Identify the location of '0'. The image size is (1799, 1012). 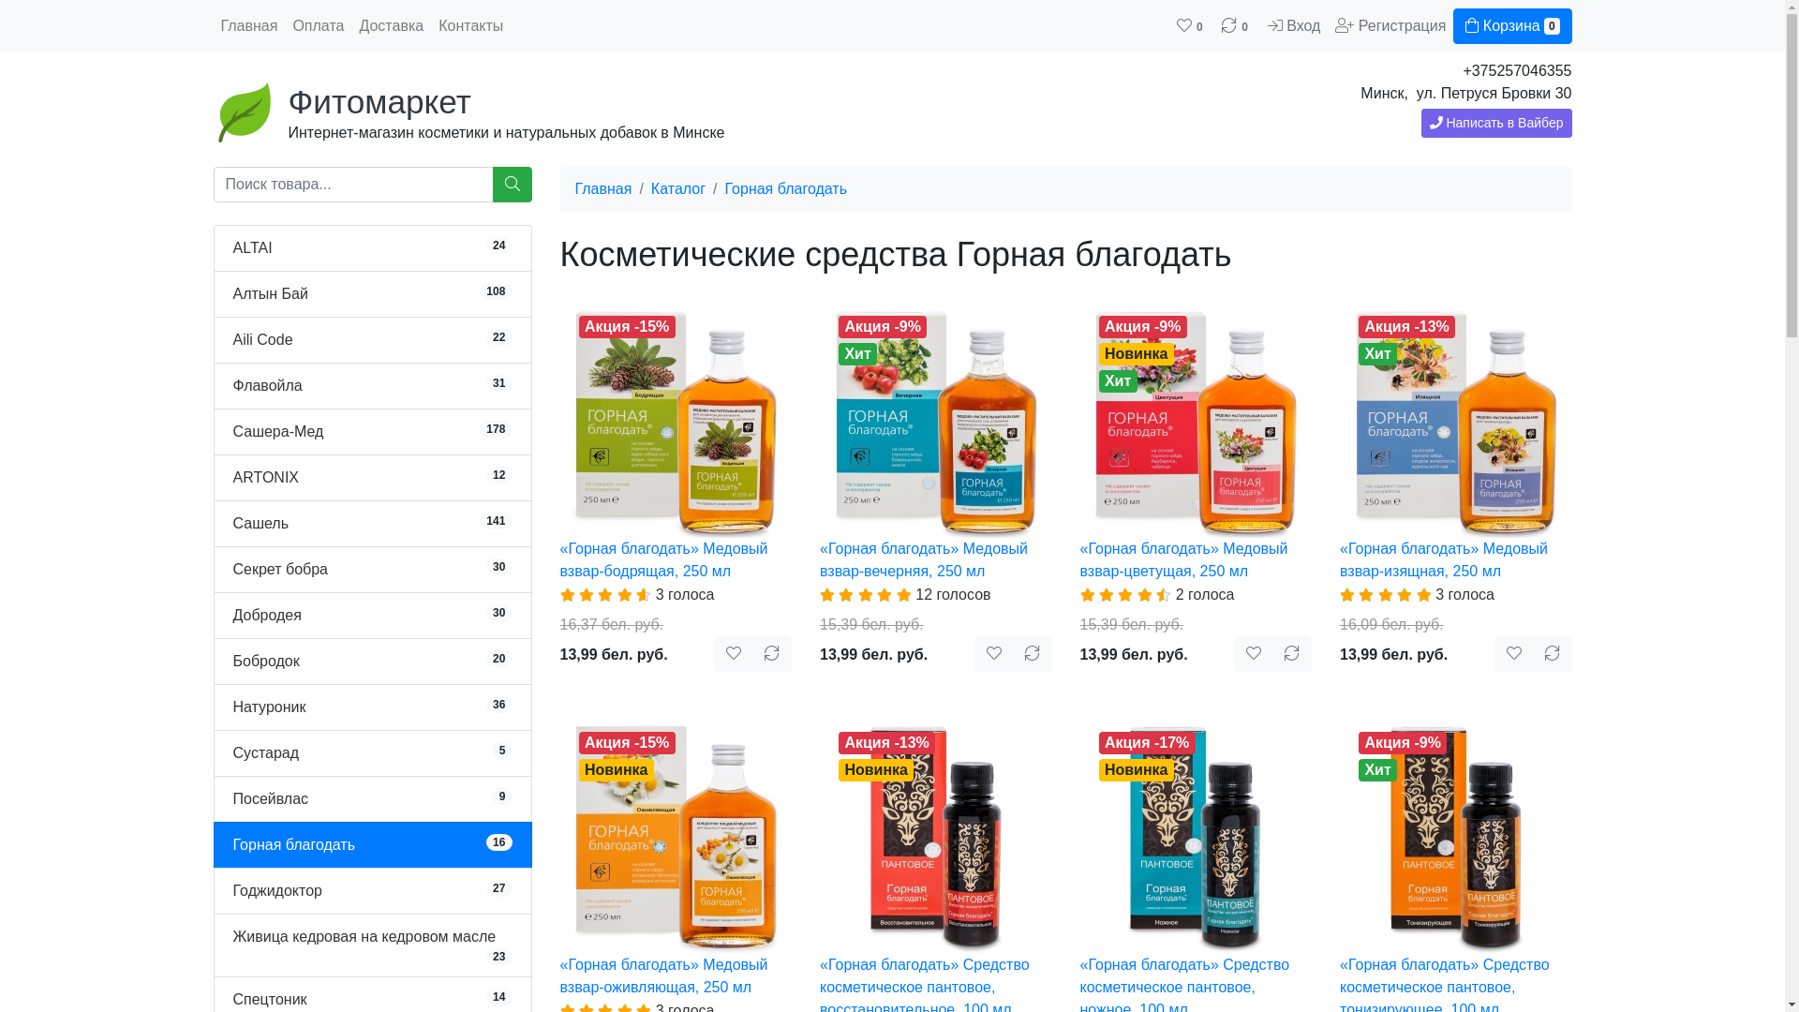
(1237, 25).